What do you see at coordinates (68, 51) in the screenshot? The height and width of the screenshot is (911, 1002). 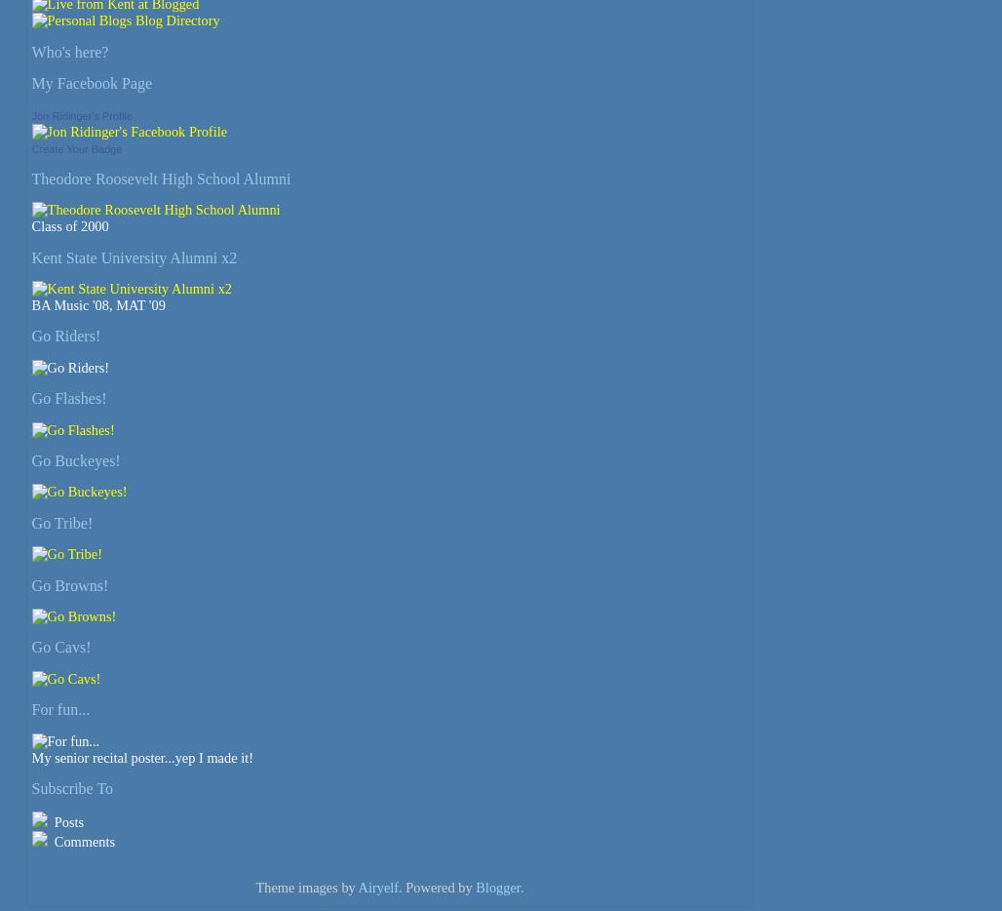 I see `'Who's here?'` at bounding box center [68, 51].